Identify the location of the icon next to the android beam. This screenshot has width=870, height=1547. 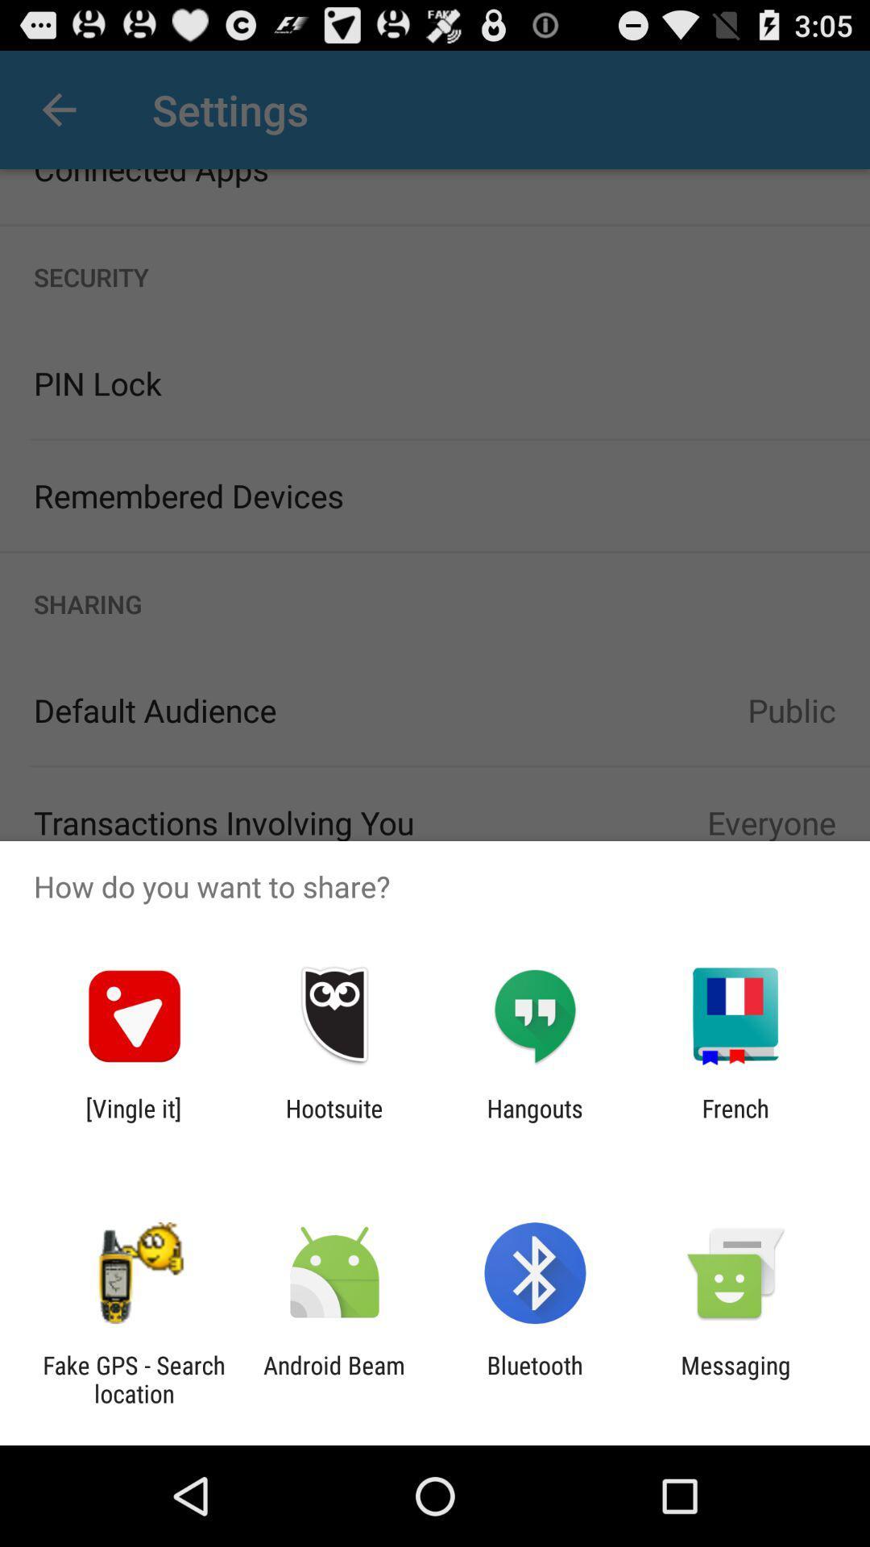
(133, 1379).